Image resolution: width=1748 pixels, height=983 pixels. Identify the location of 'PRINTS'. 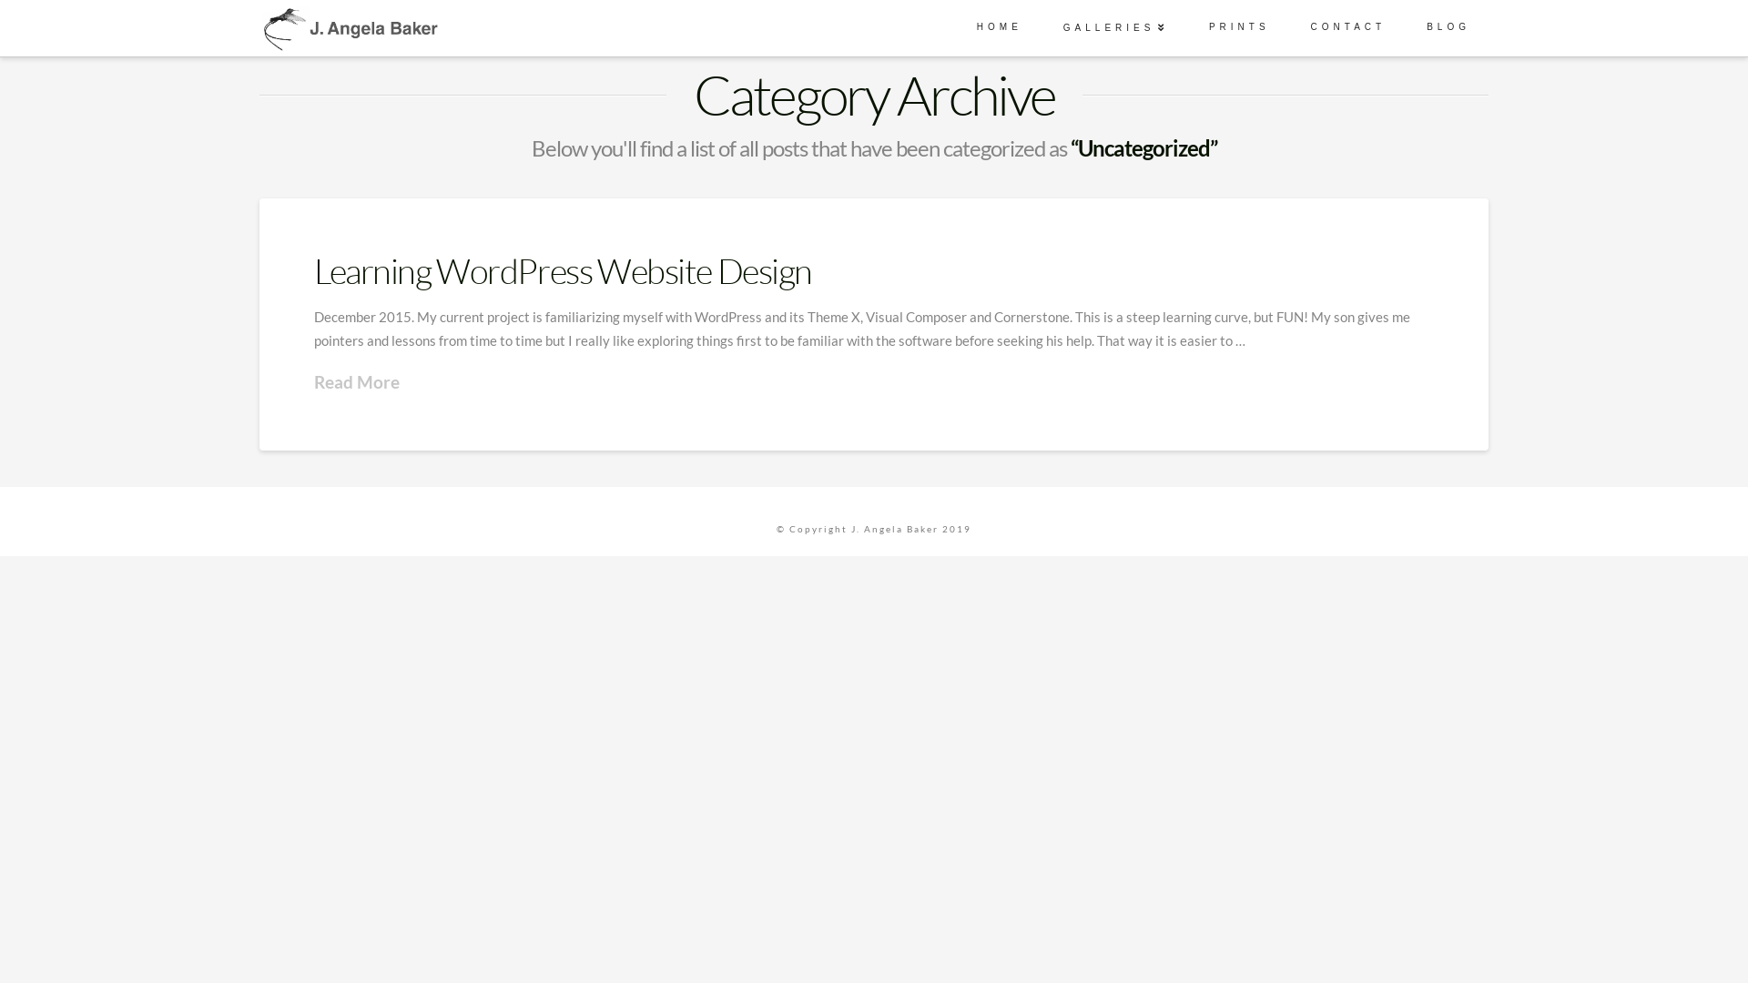
(1236, 17).